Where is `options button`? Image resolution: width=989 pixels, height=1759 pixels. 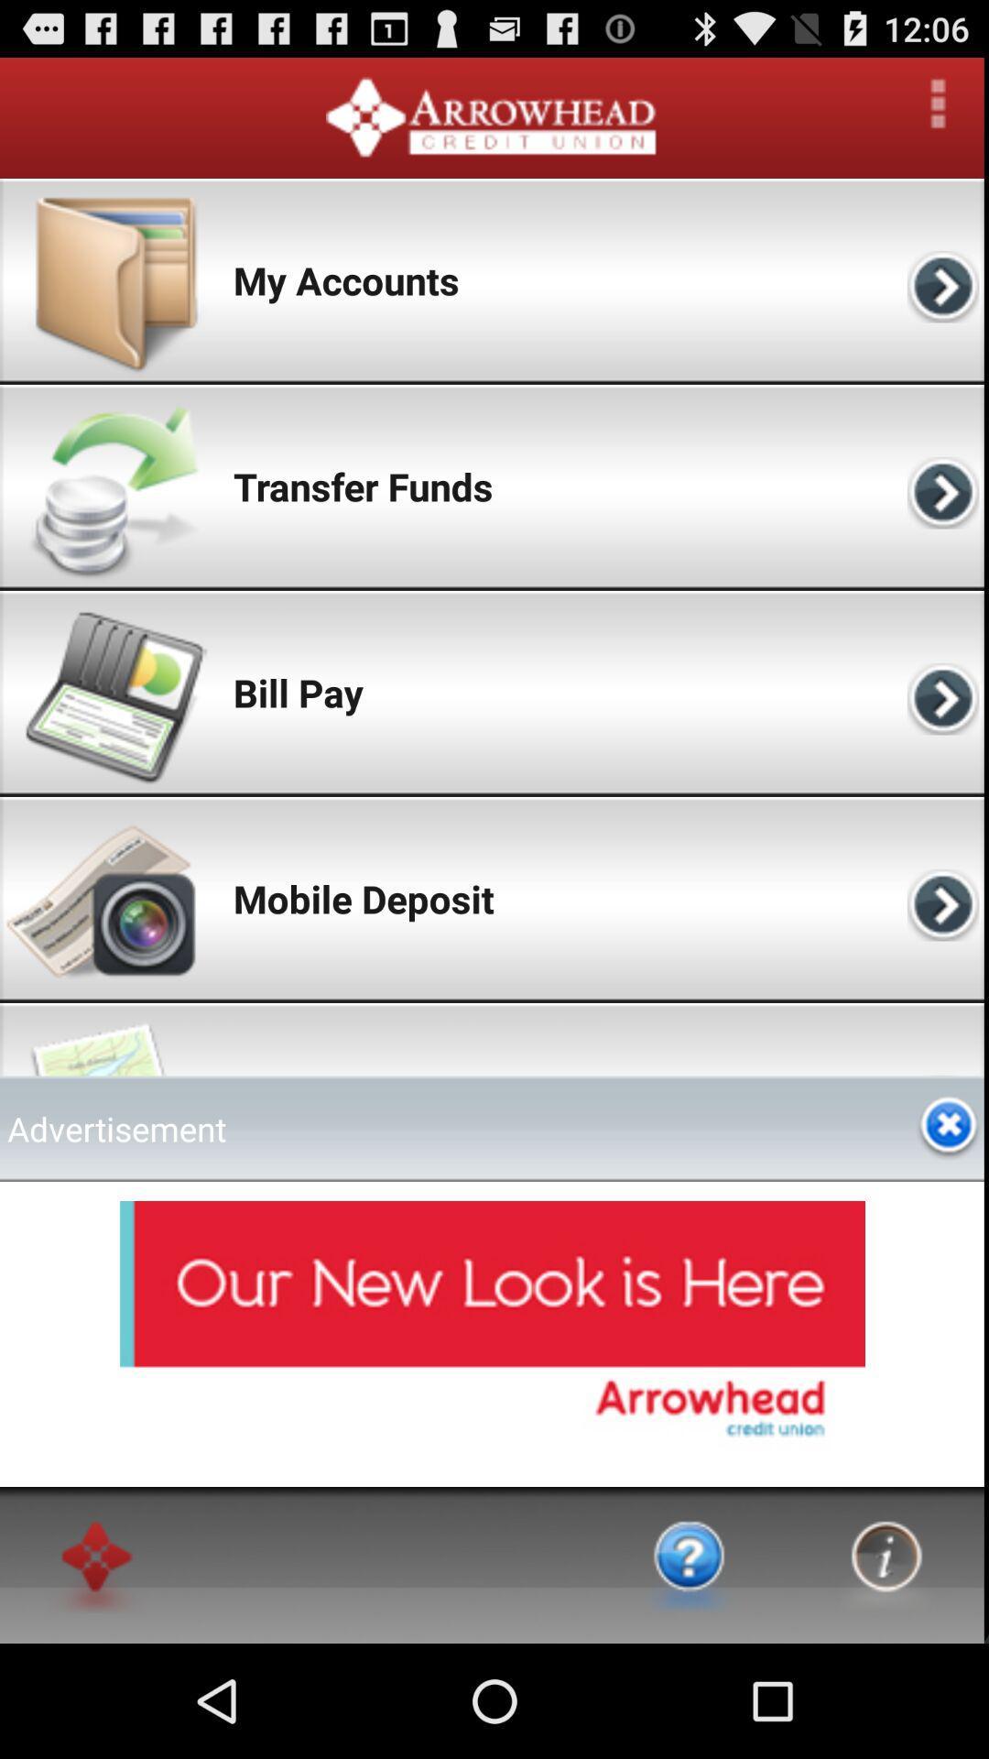
options button is located at coordinates (938, 103).